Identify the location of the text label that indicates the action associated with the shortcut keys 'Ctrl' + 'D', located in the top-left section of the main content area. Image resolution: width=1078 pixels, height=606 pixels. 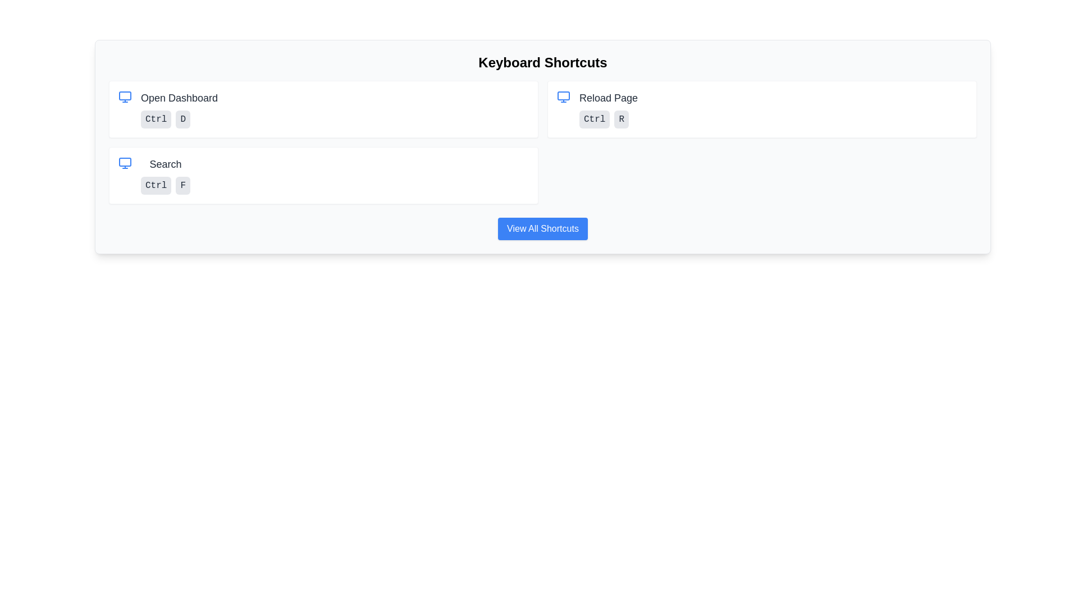
(179, 97).